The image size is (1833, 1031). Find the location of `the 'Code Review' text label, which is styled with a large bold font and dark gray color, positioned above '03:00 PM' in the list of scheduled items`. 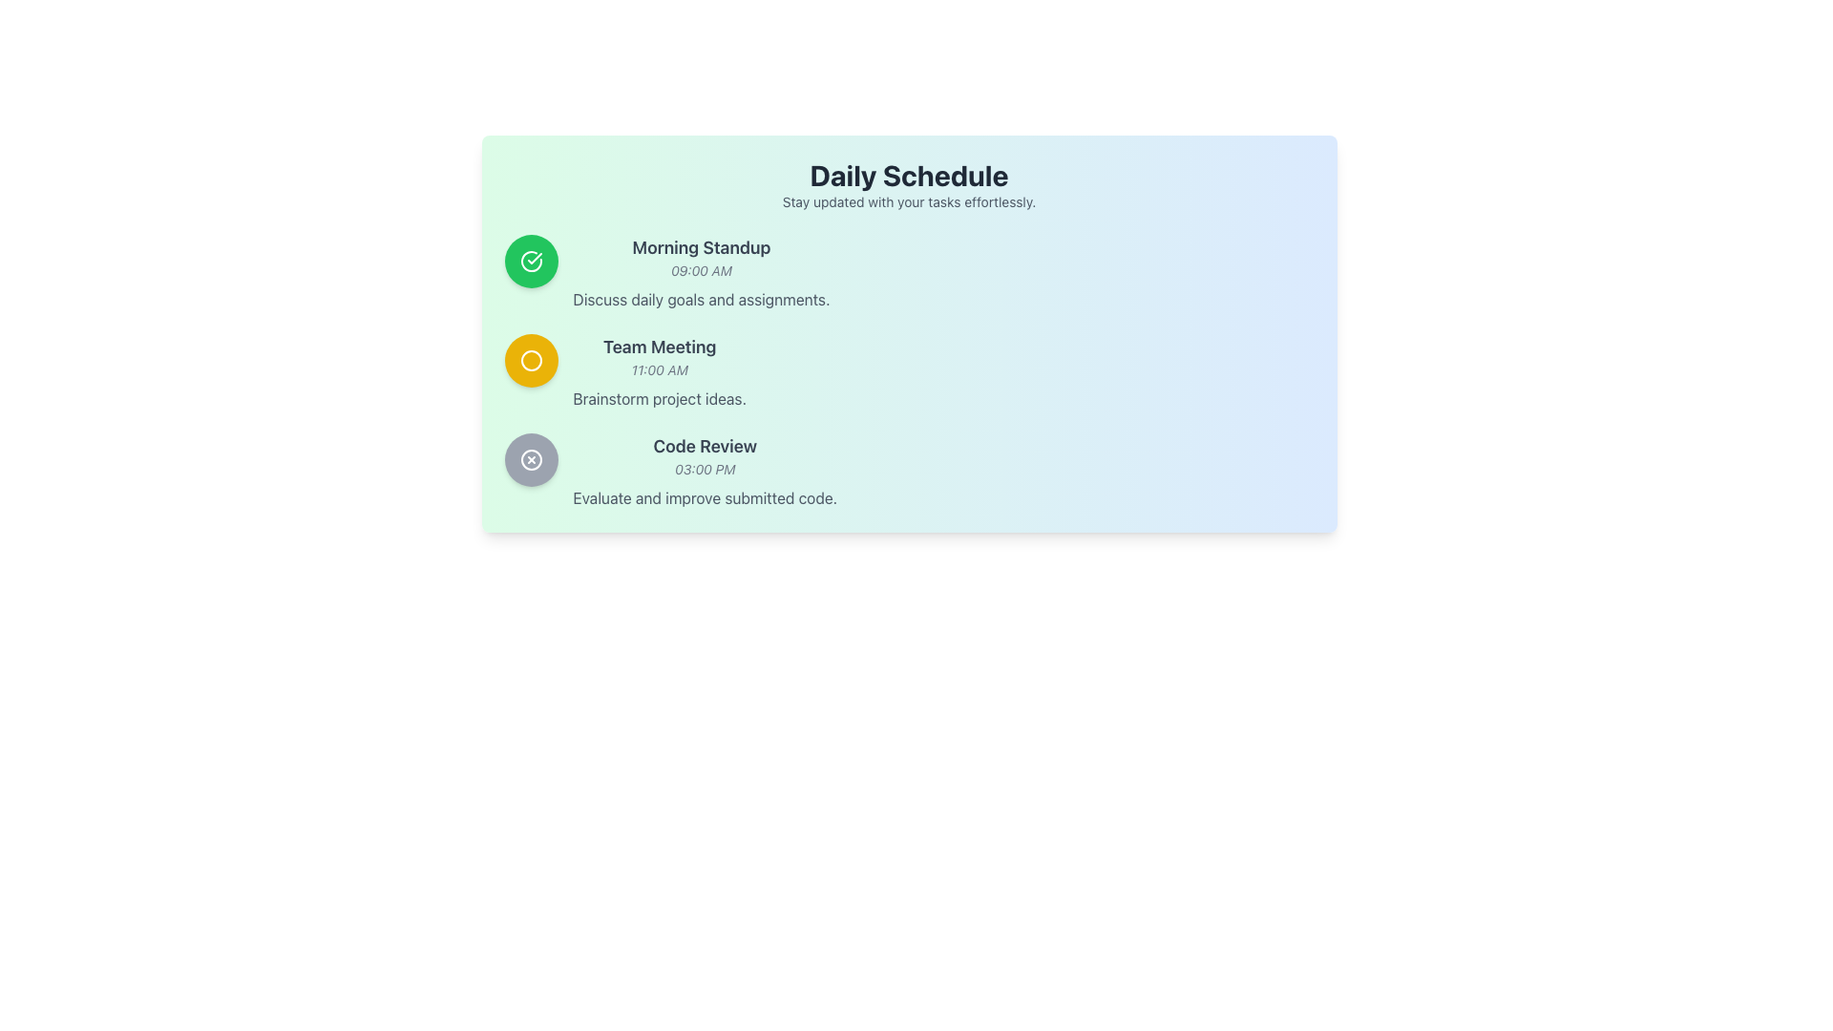

the 'Code Review' text label, which is styled with a large bold font and dark gray color, positioned above '03:00 PM' in the list of scheduled items is located at coordinates (704, 446).